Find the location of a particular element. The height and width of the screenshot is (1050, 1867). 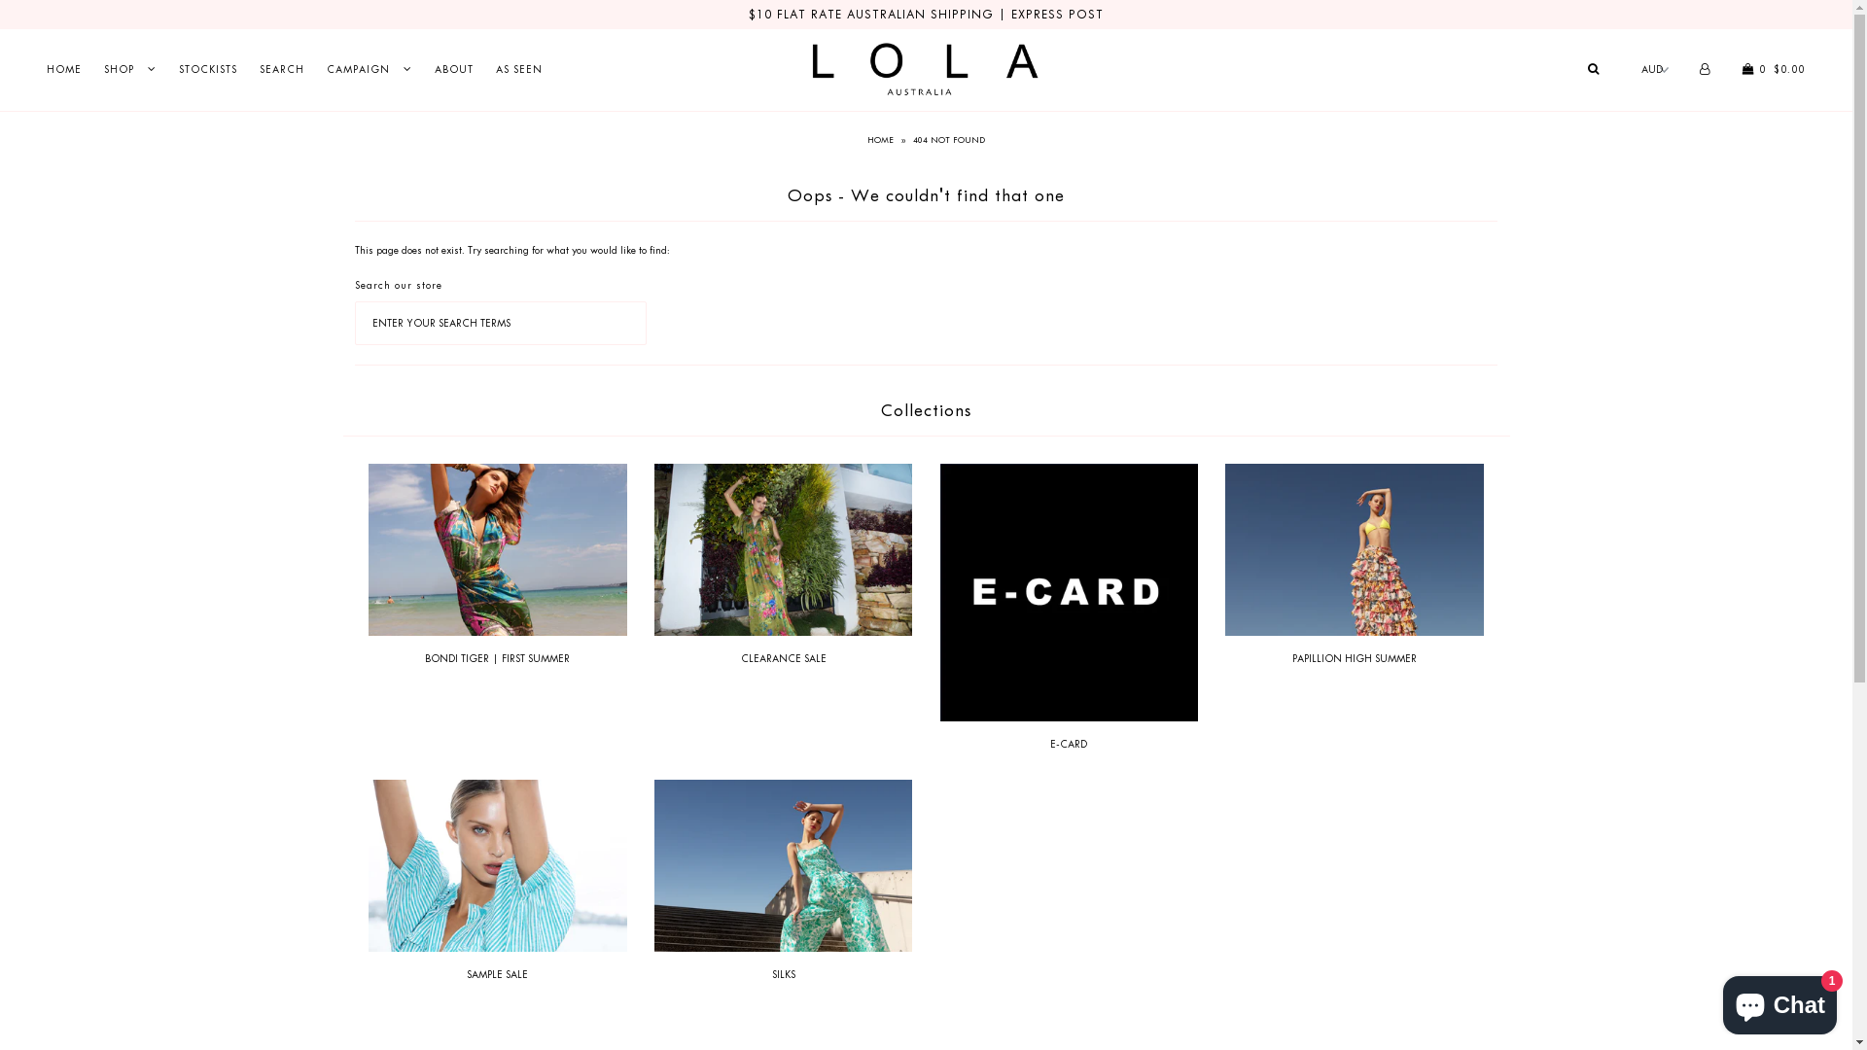

'SHOP' is located at coordinates (92, 68).